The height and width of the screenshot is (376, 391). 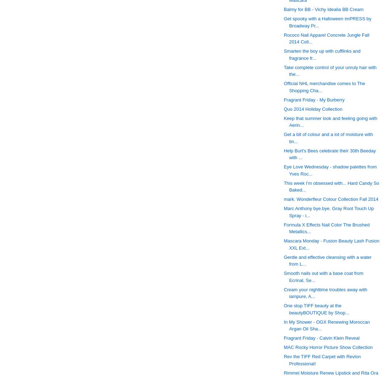 What do you see at coordinates (326, 38) in the screenshot?
I see `'Rococo Nail Apparel Concrete Jungle Fall 2014 Coll...'` at bounding box center [326, 38].